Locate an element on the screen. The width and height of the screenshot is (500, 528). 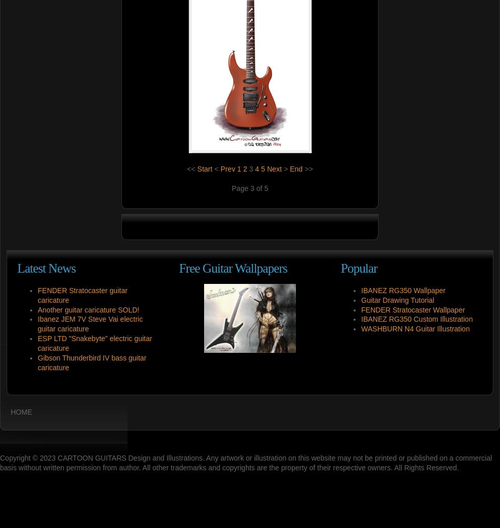
'IBANEZ RG350 Wallpaper' is located at coordinates (403, 290).